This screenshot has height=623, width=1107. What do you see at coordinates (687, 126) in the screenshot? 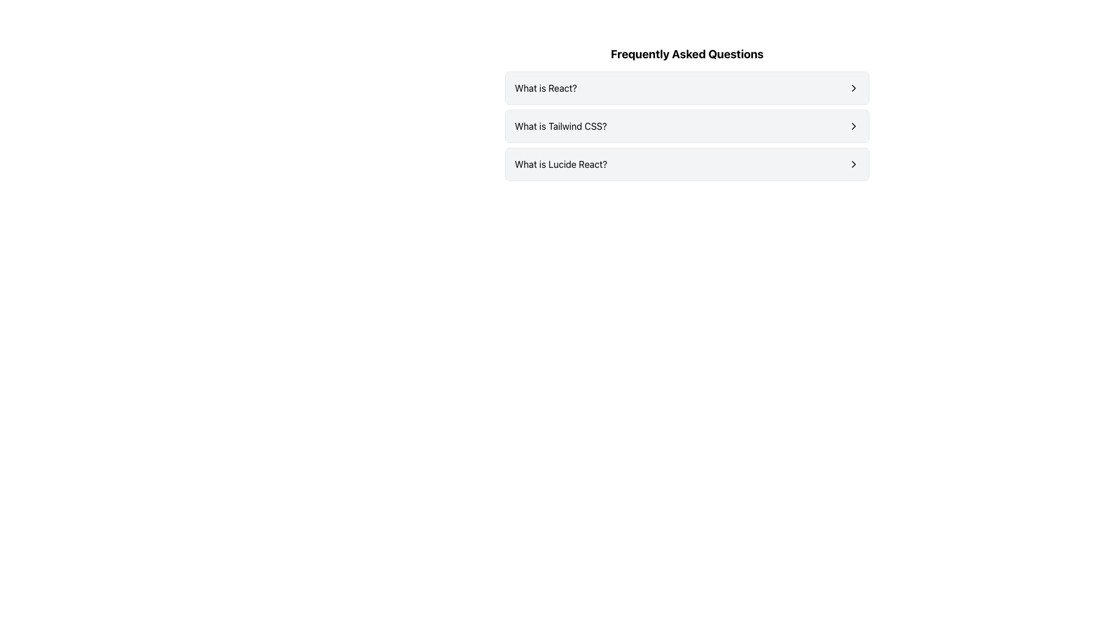
I see `the second item in the Frequently Asked Questions list labeled 'What is Tailwind CSS?'` at bounding box center [687, 126].